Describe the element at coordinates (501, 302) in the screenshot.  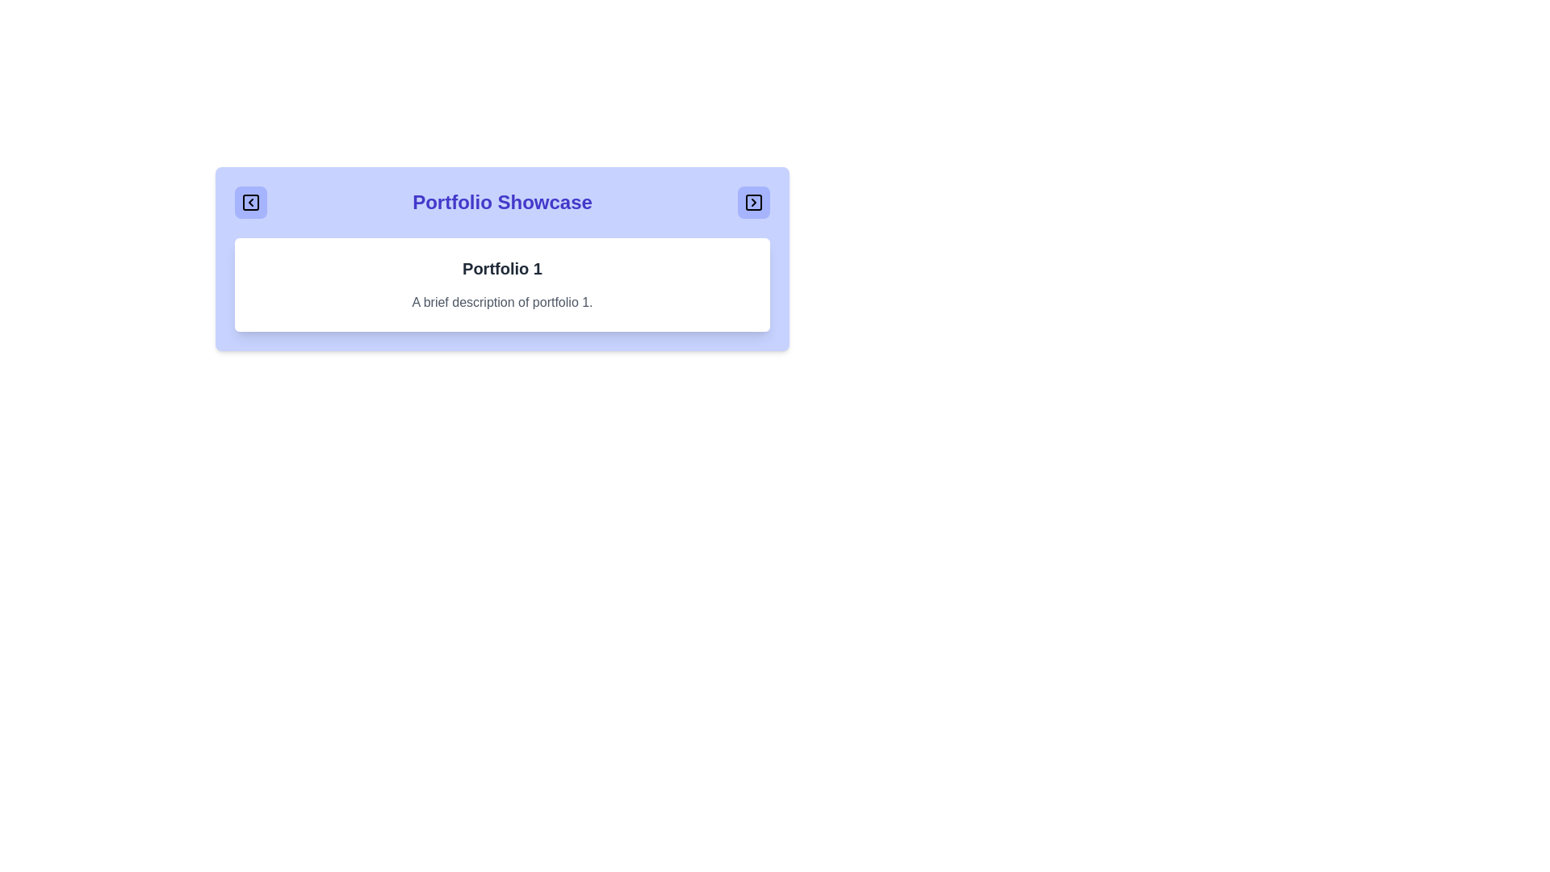
I see `the static text reading 'A brief description of portfolio 1.' which is styled in gray and positioned below the title 'Portfolio 1' in a high-contrast card` at that location.